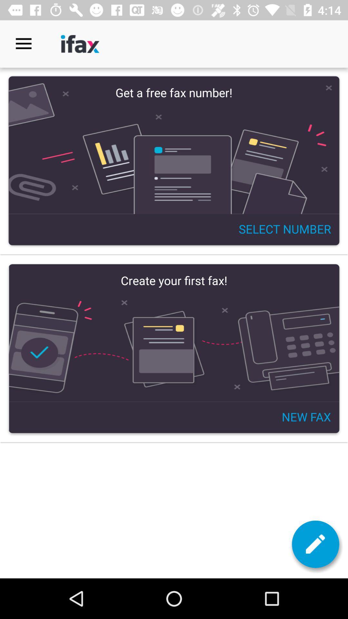 The image size is (348, 619). Describe the element at coordinates (315, 544) in the screenshot. I see `new fax` at that location.